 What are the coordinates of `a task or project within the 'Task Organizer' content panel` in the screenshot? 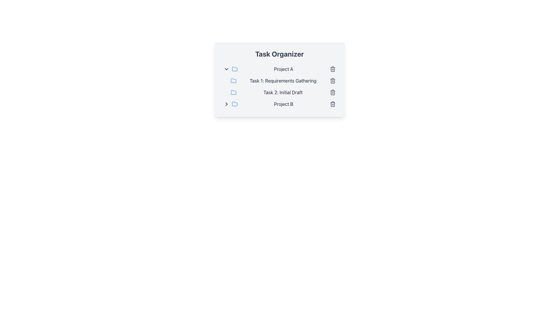 It's located at (279, 80).